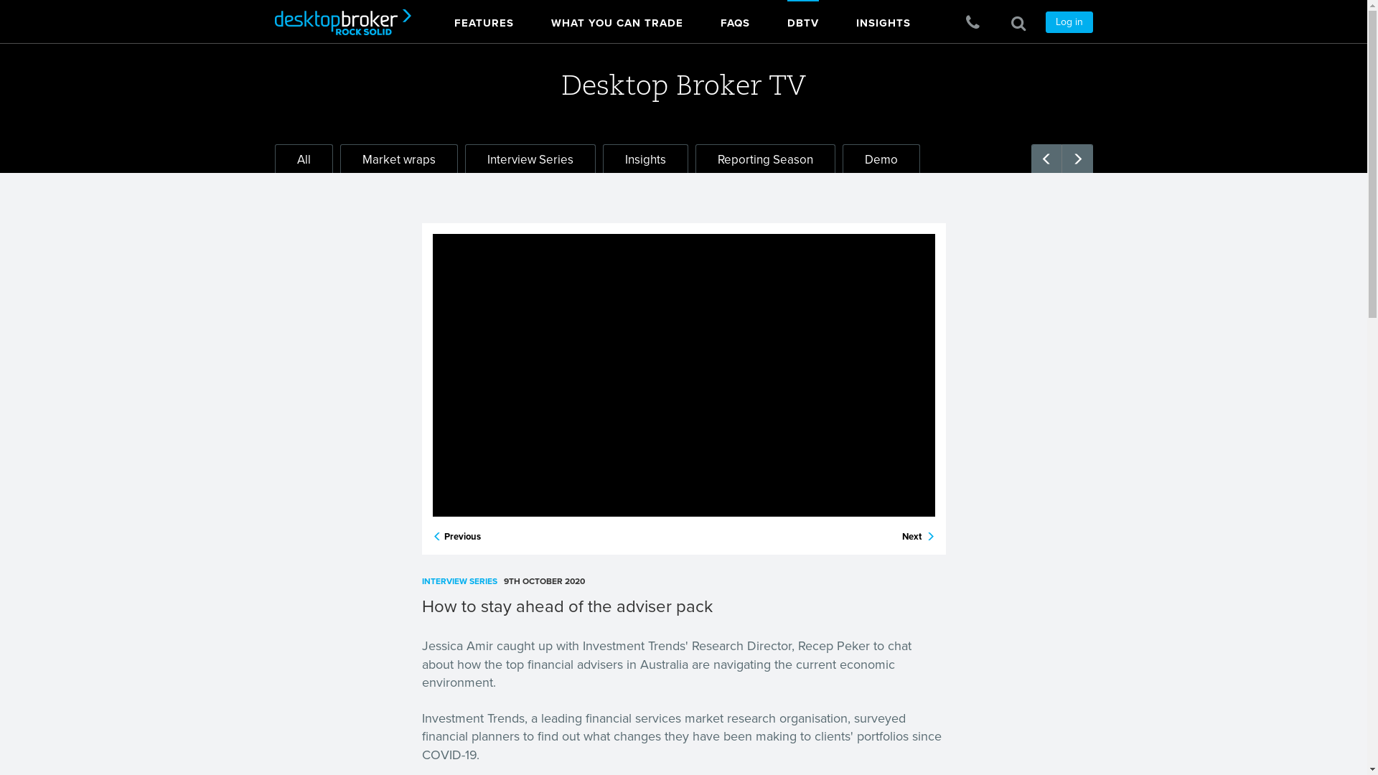  What do you see at coordinates (483, 19) in the screenshot?
I see `'FEATURES'` at bounding box center [483, 19].